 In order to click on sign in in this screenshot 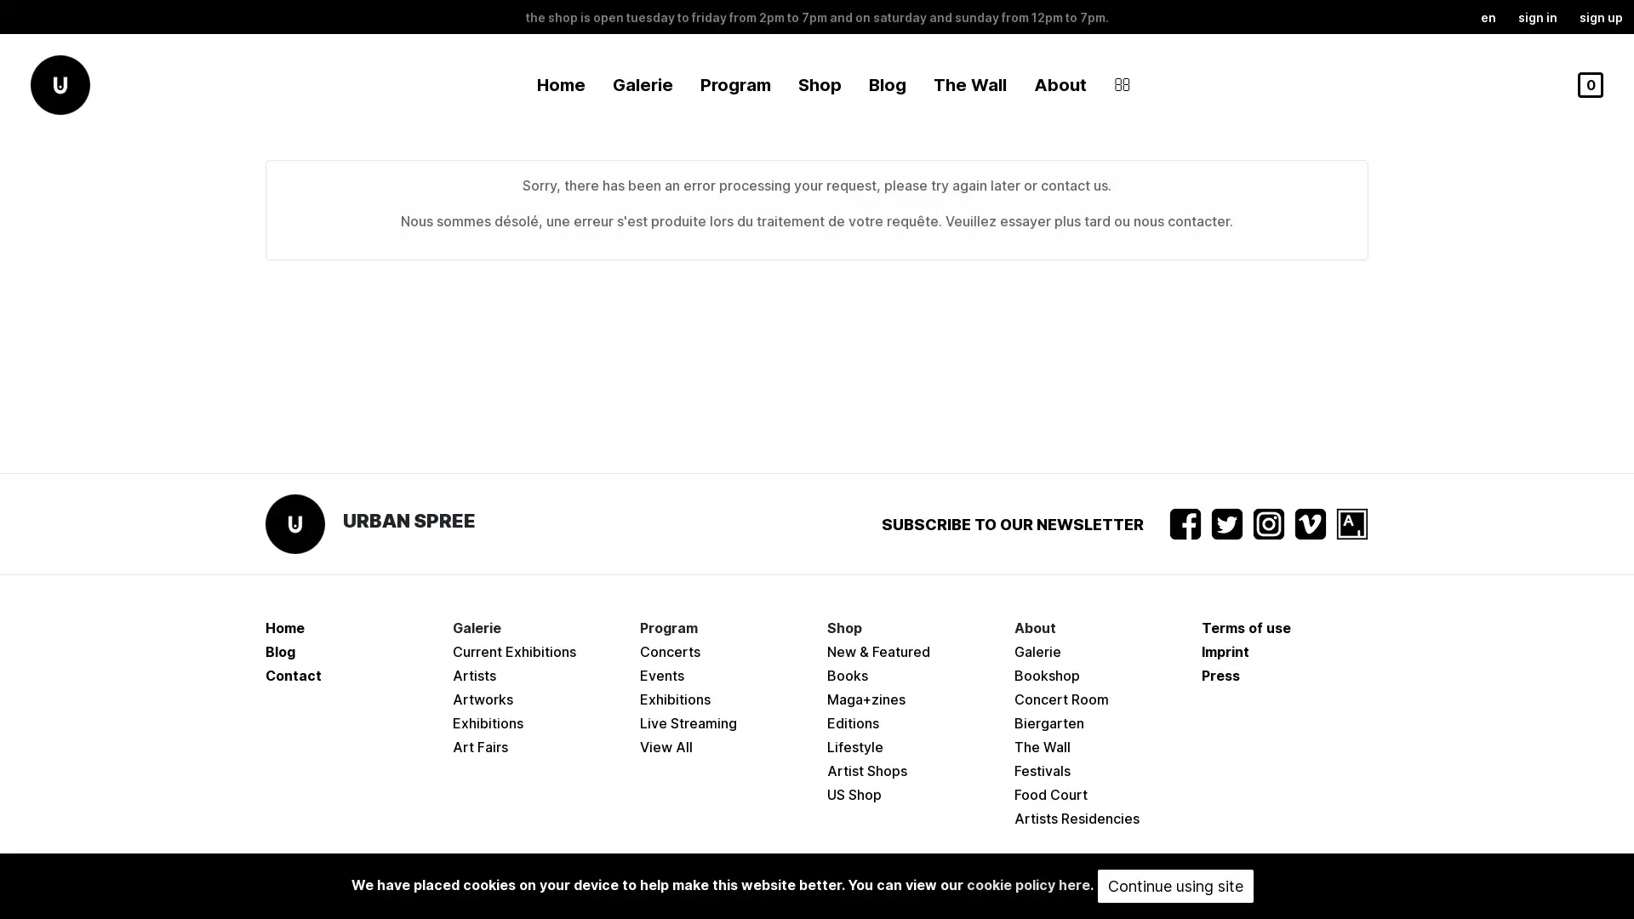, I will do `click(1537, 16)`.